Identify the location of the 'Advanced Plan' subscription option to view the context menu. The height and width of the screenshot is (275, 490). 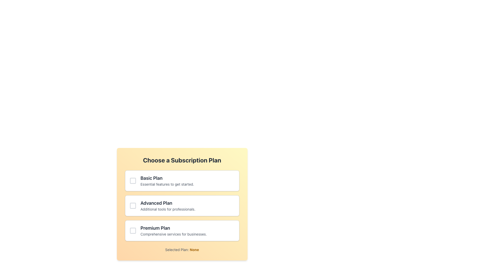
(182, 204).